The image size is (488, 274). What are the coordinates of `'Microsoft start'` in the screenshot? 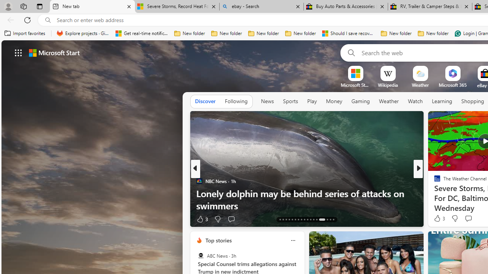 It's located at (54, 52).